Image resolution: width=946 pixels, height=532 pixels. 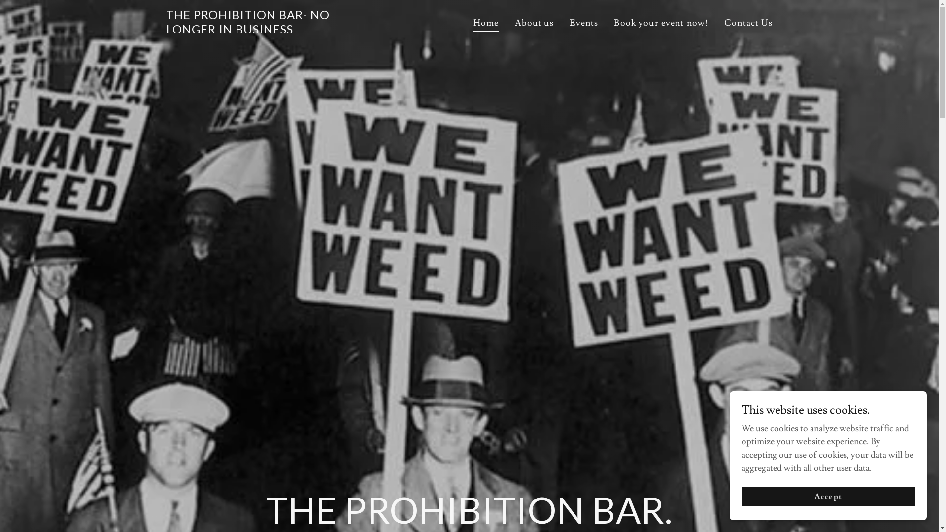 What do you see at coordinates (584, 22) in the screenshot?
I see `'Events'` at bounding box center [584, 22].